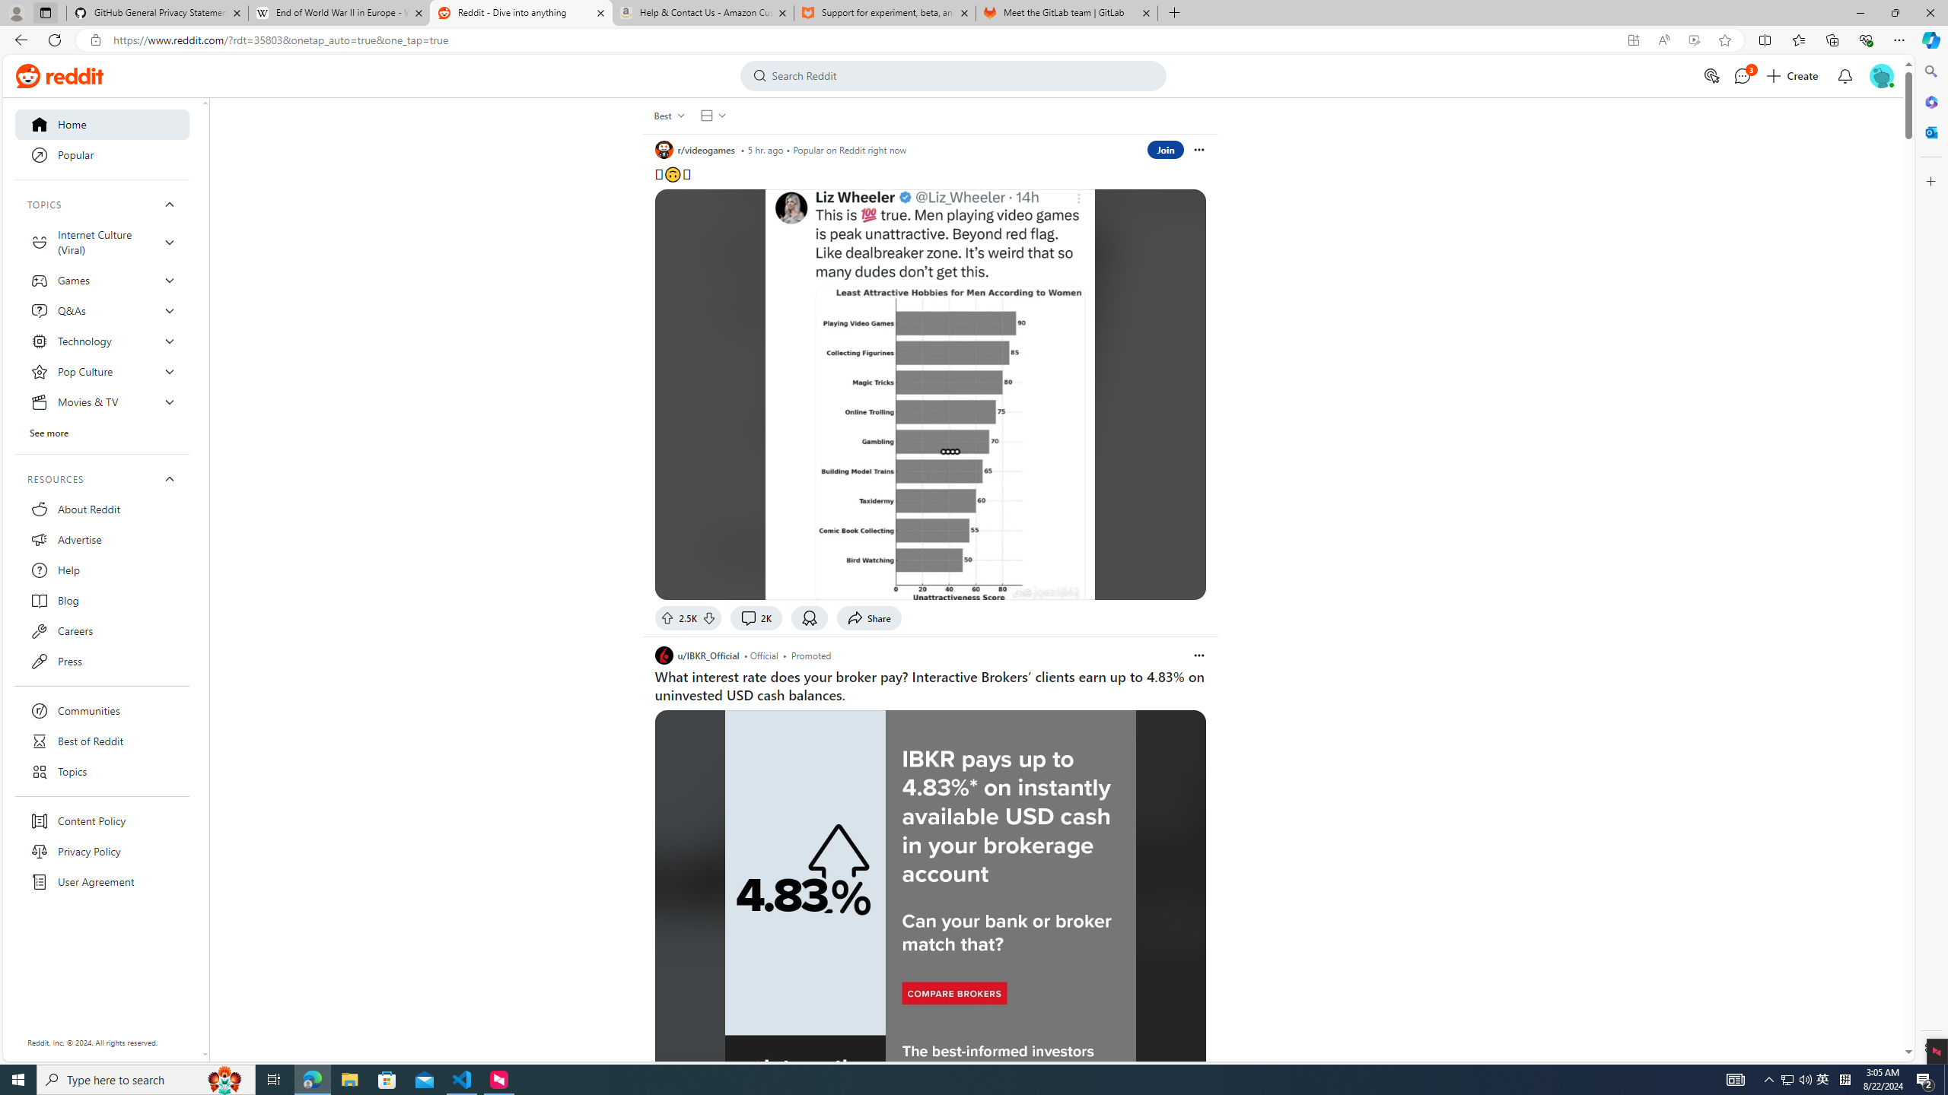 The image size is (1948, 1095). What do you see at coordinates (102, 821) in the screenshot?
I see `'Content Policy'` at bounding box center [102, 821].